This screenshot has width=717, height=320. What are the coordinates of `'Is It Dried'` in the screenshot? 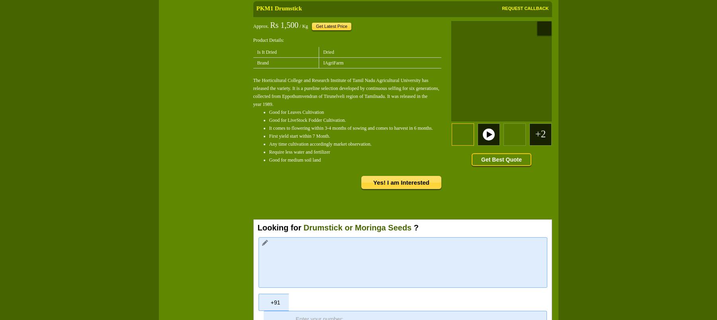 It's located at (257, 52).